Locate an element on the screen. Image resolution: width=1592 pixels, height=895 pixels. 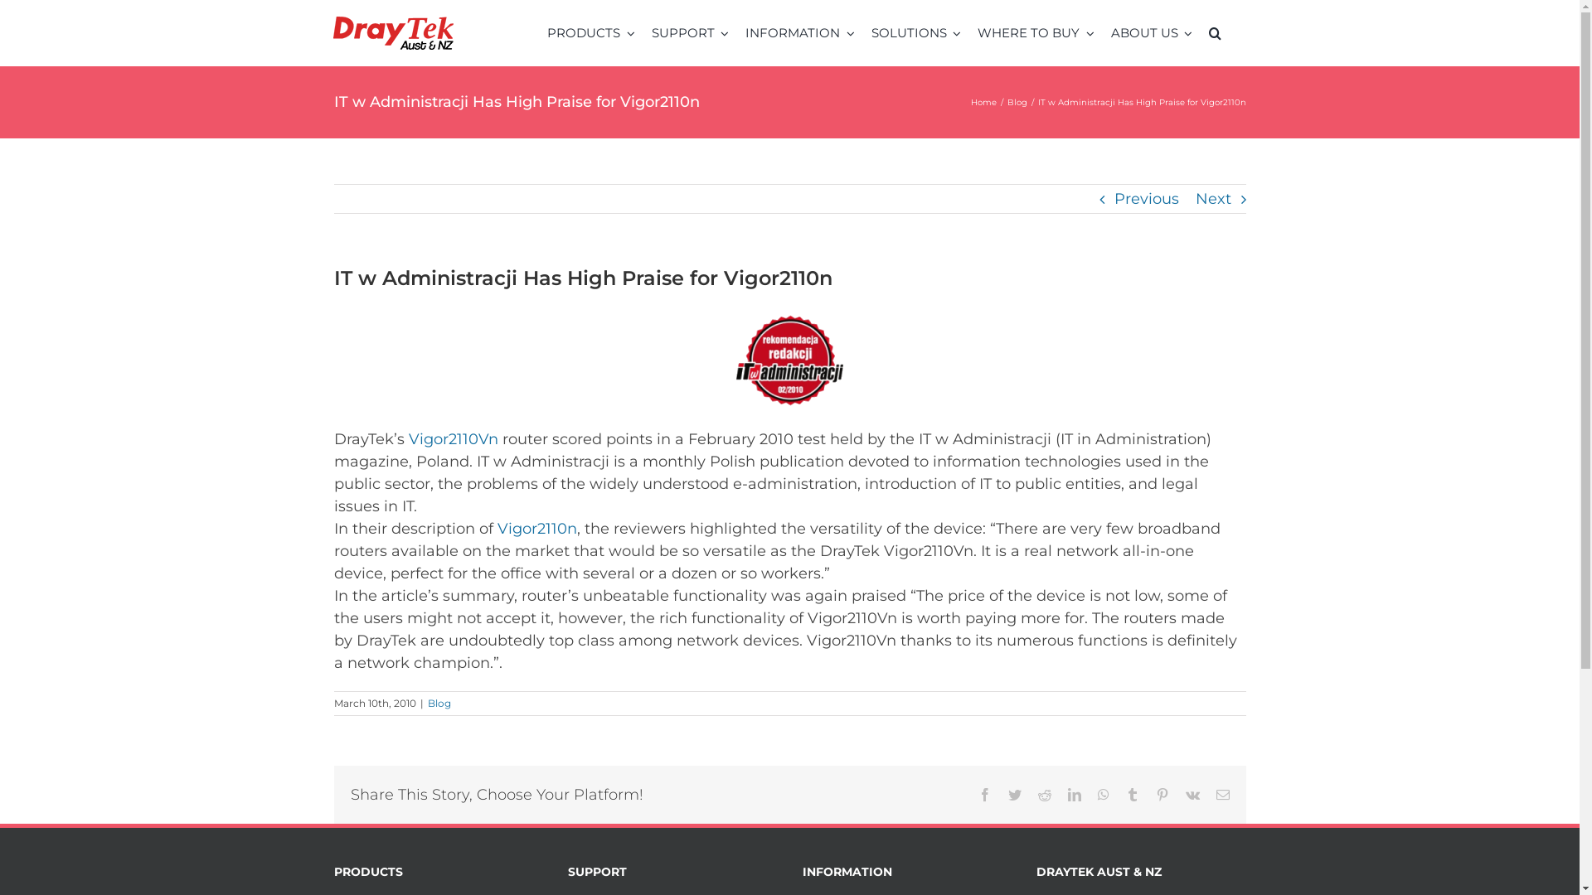
'Previous' is located at coordinates (1114, 197).